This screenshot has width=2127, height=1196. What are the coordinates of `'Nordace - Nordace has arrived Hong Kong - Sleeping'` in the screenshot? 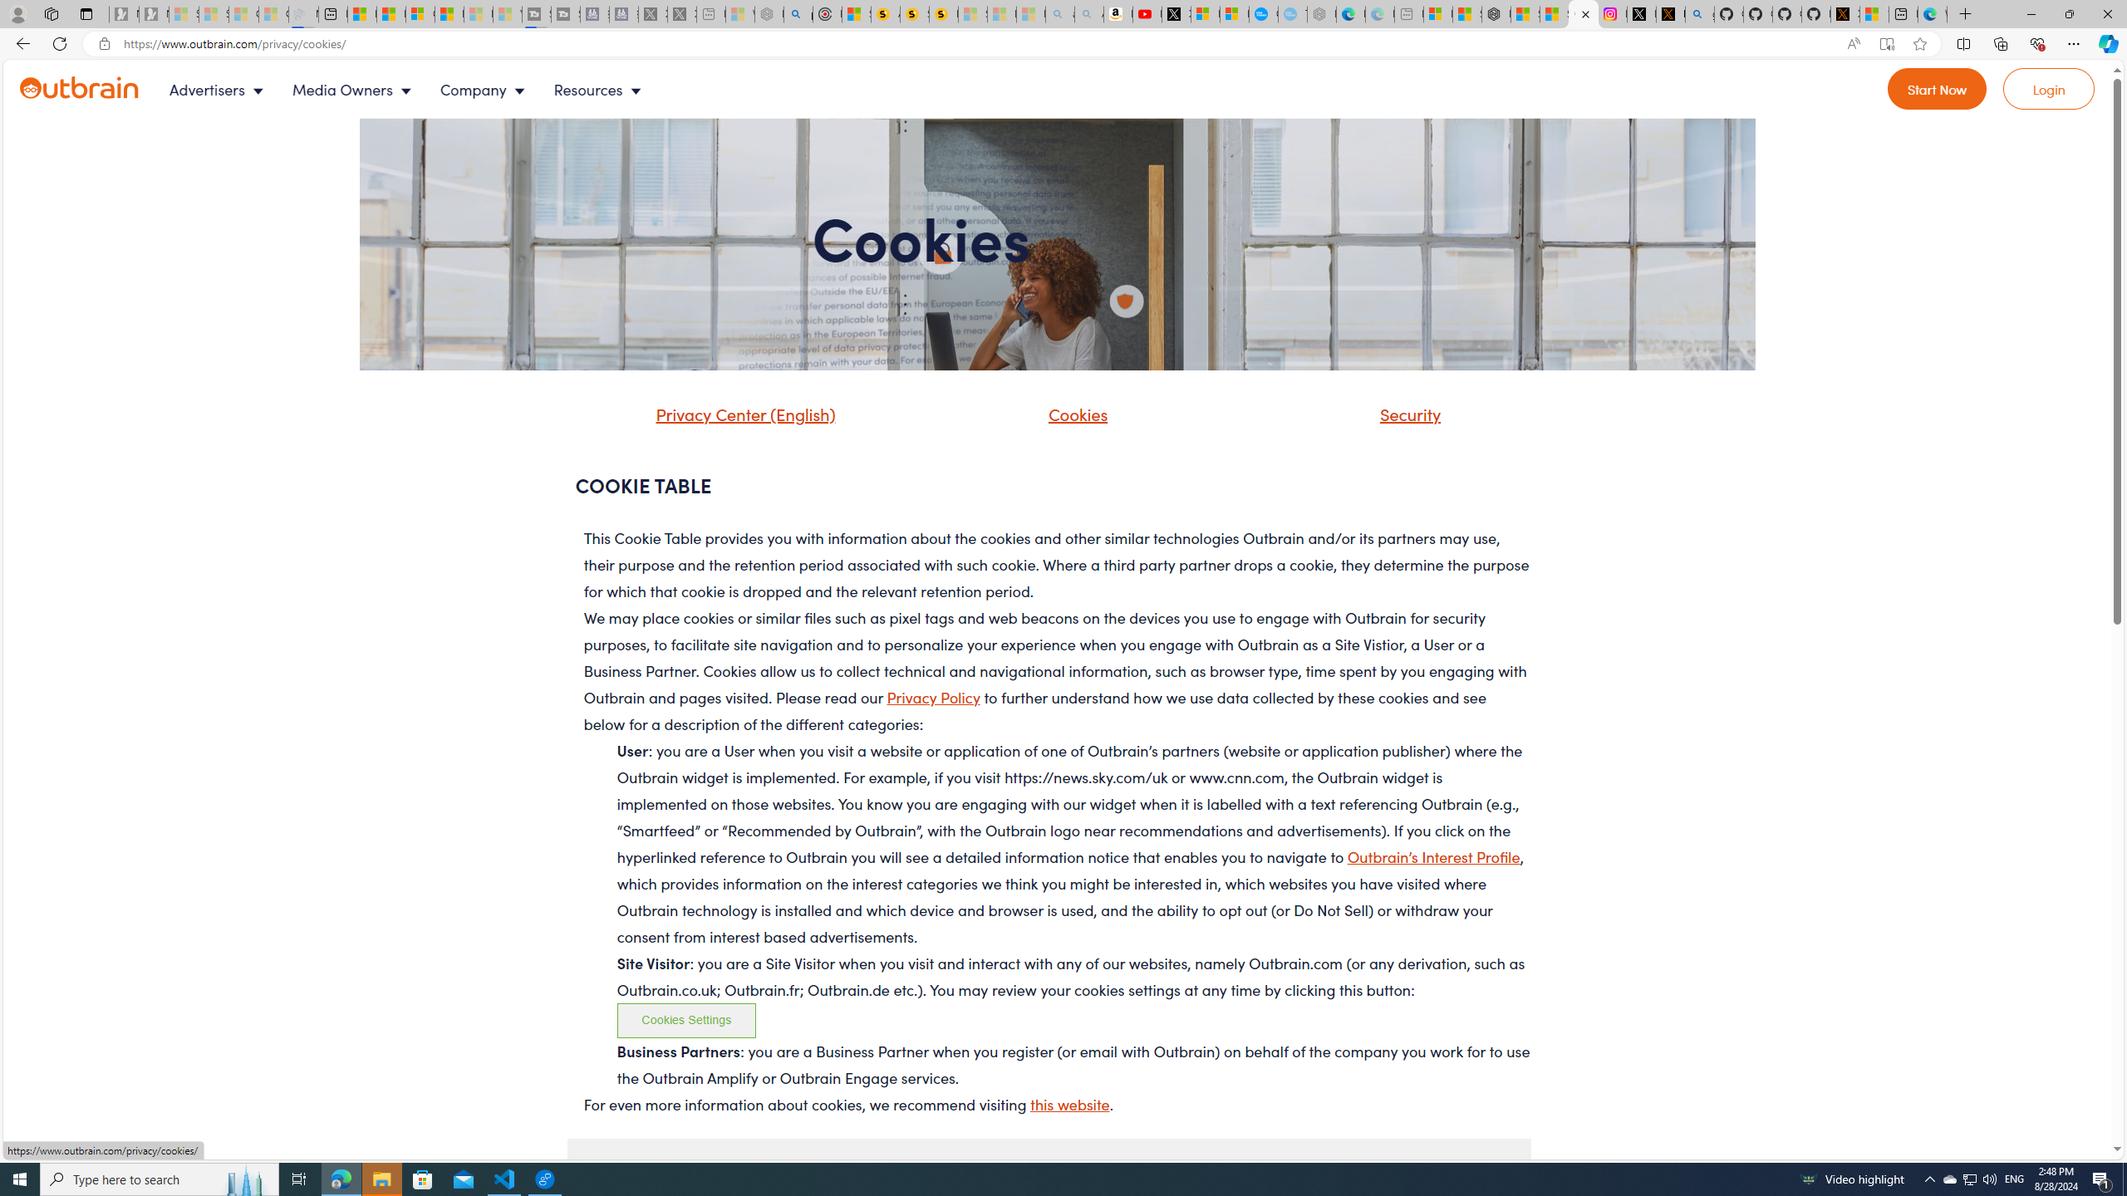 It's located at (1321, 13).